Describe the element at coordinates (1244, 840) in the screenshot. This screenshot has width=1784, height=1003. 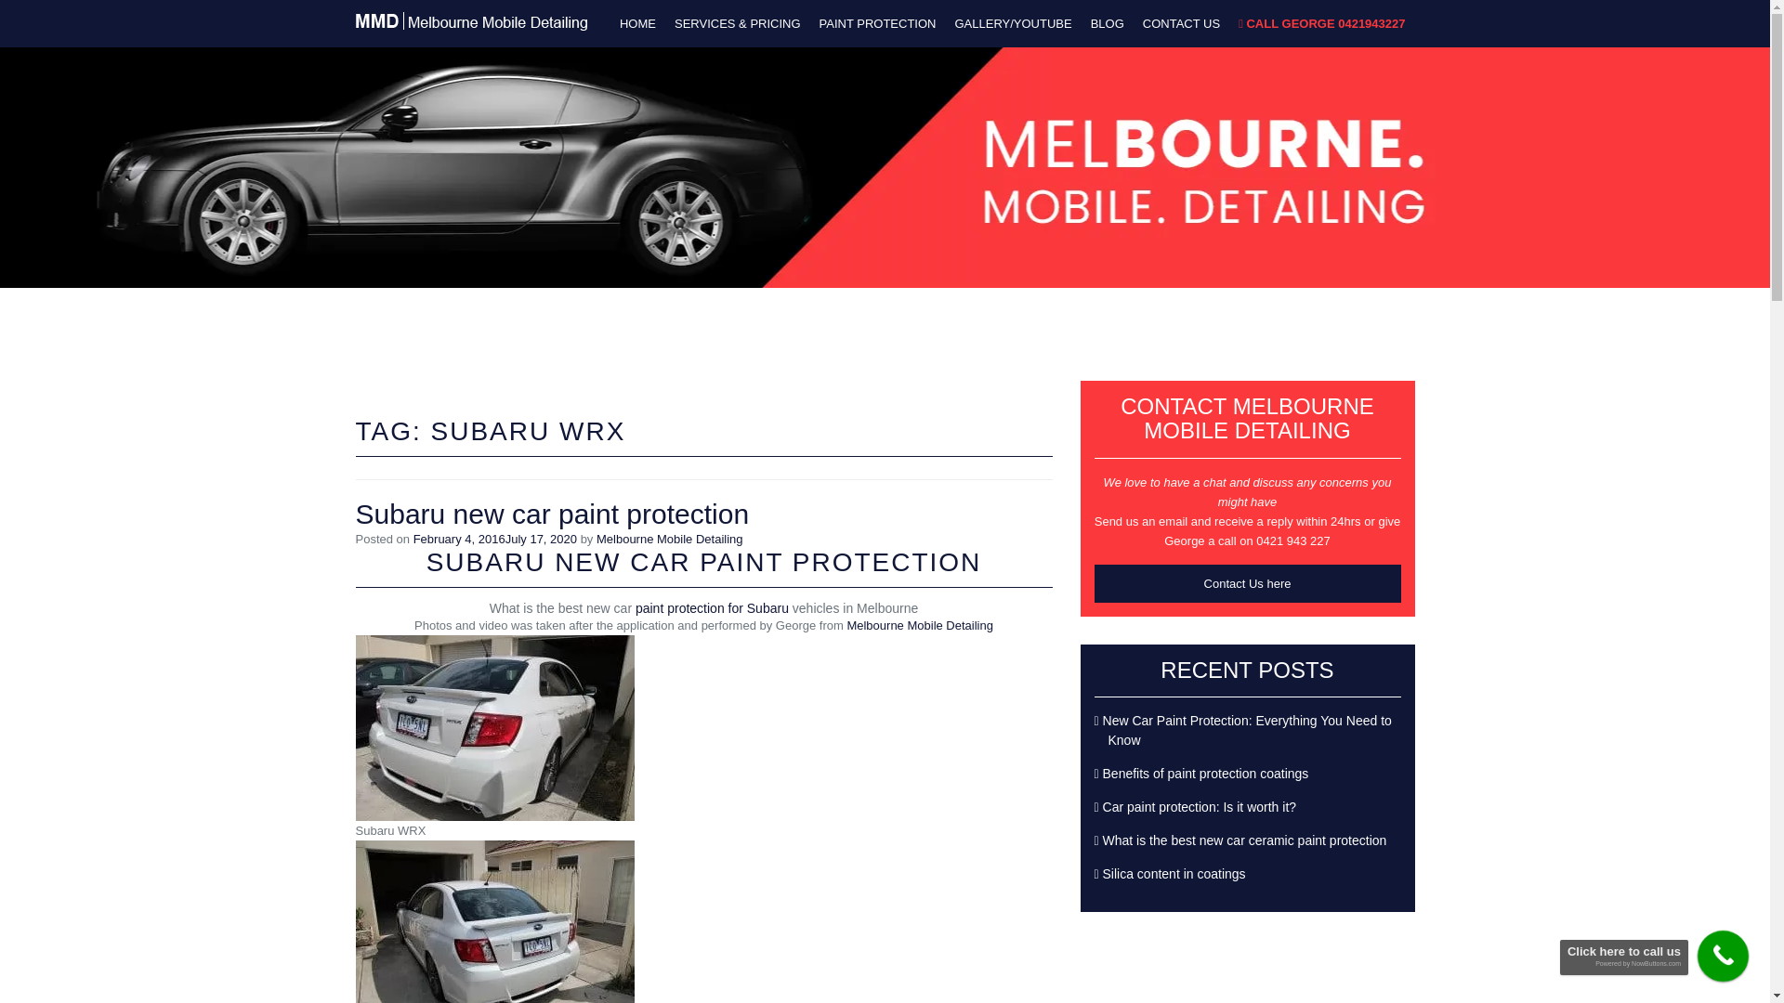
I see `'What is the best new car ceramic paint protection'` at that location.